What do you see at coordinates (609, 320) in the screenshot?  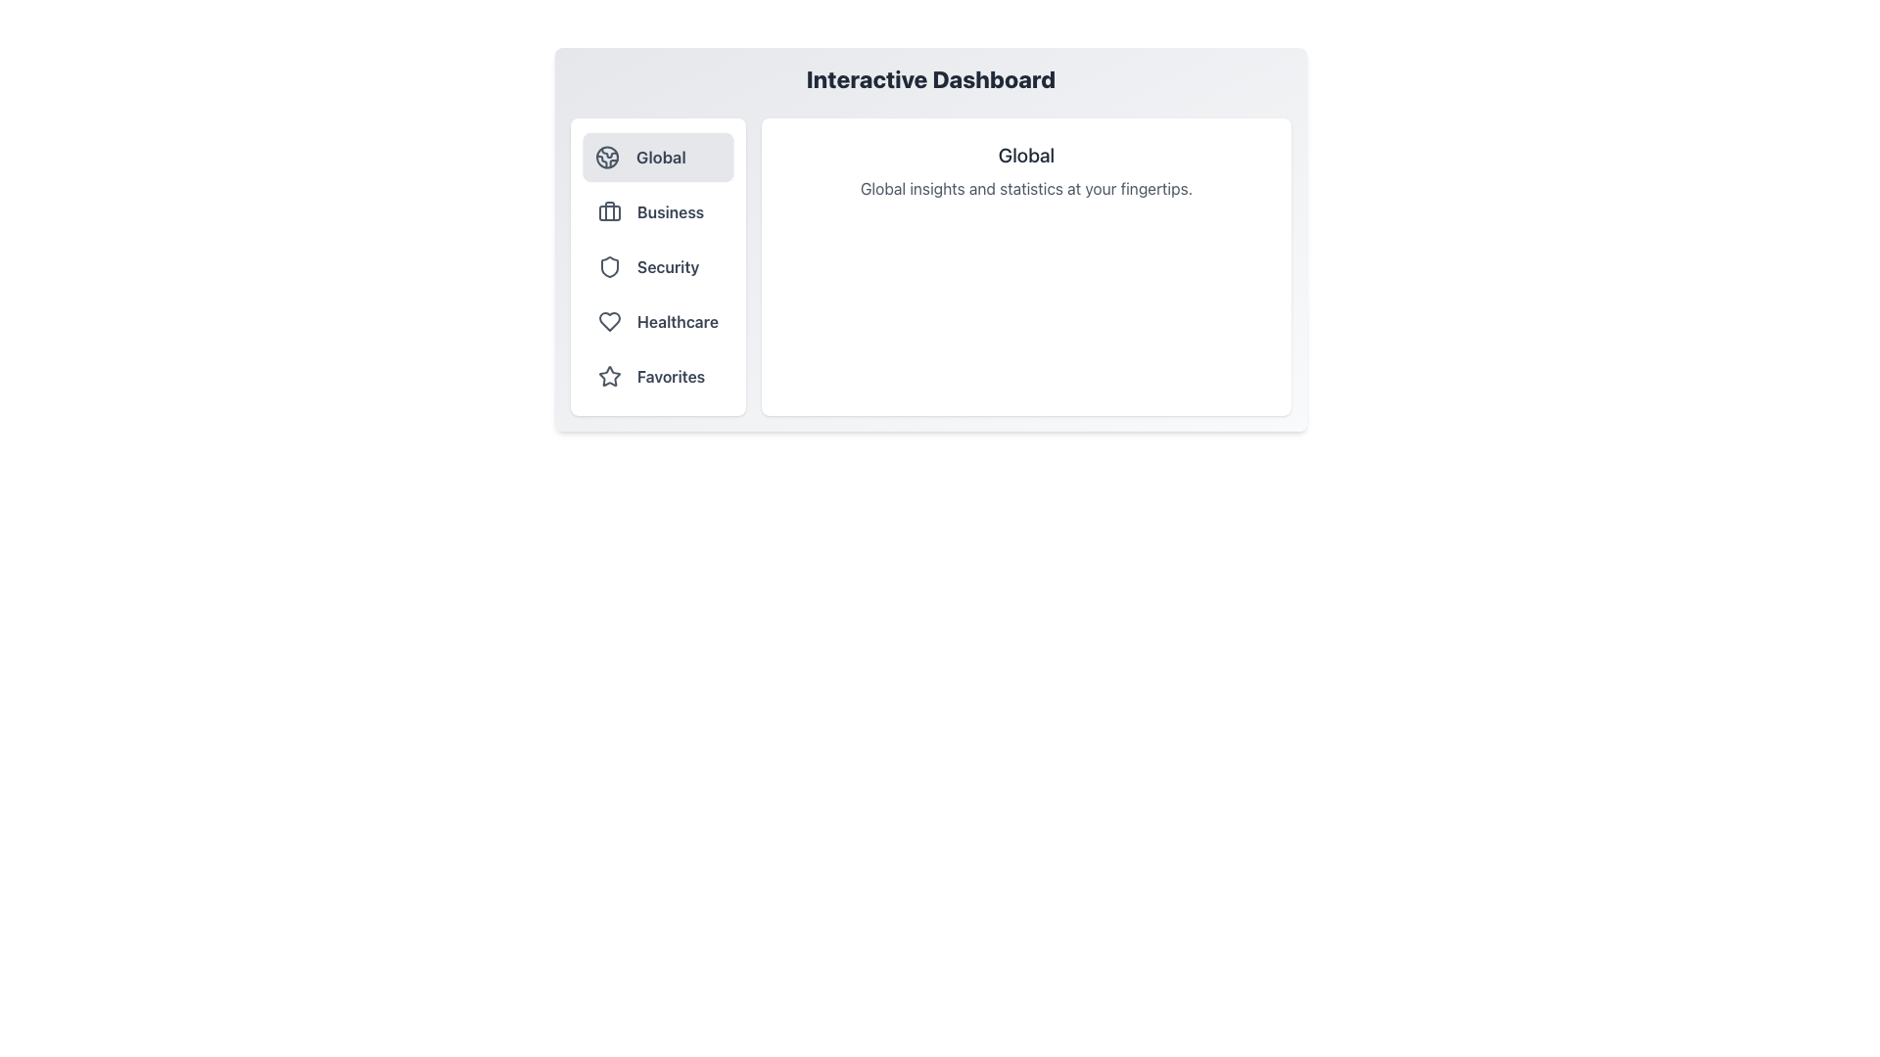 I see `the heart icon representing 'Healthcare', located fourth in the vertical list of menu items on the left sidebar, positioned between the shield icon and the star icon` at bounding box center [609, 320].